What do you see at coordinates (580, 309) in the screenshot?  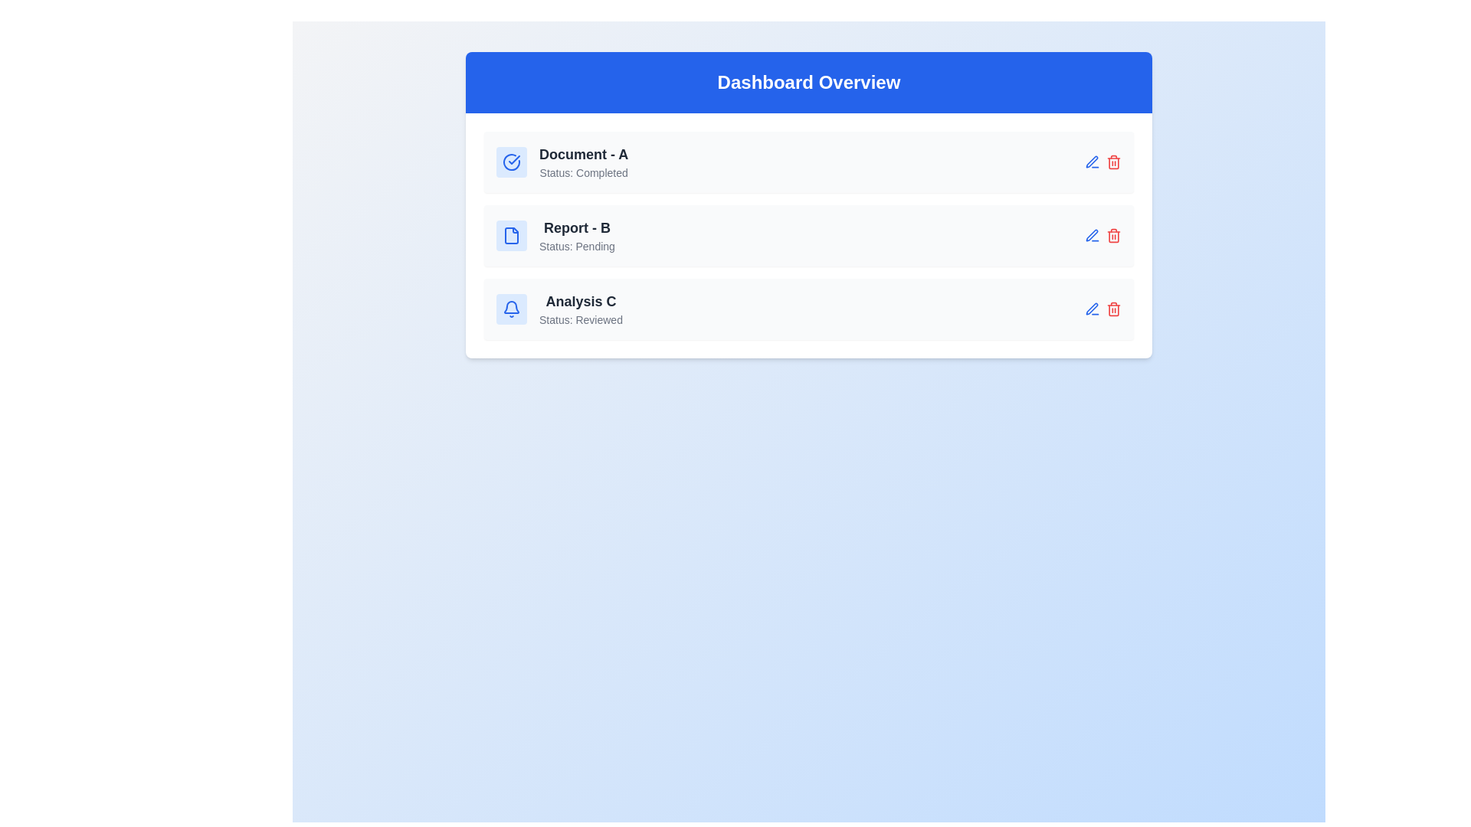 I see `text content displayed in the title 'Analysis C' with status 'Reviewed' located in the third row of the vertical list within a white card panel` at bounding box center [580, 309].